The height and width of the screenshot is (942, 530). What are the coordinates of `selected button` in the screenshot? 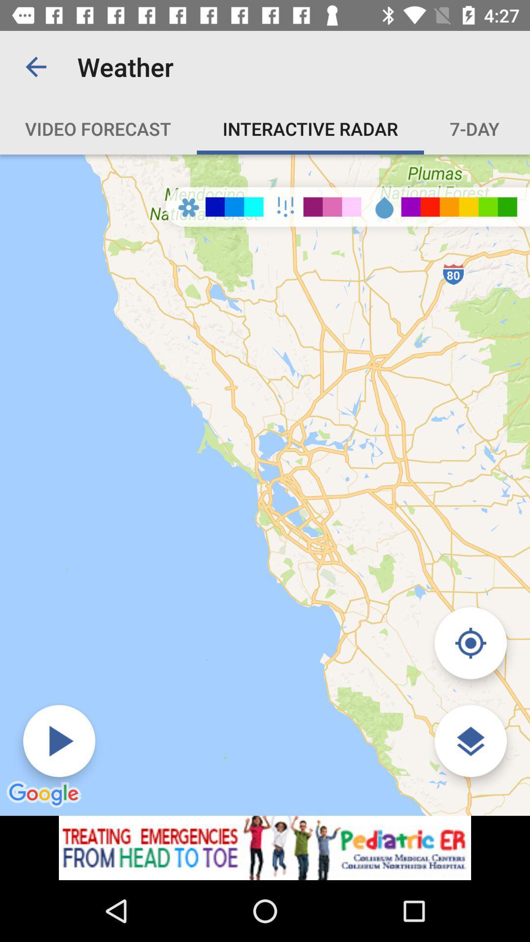 It's located at (470, 643).